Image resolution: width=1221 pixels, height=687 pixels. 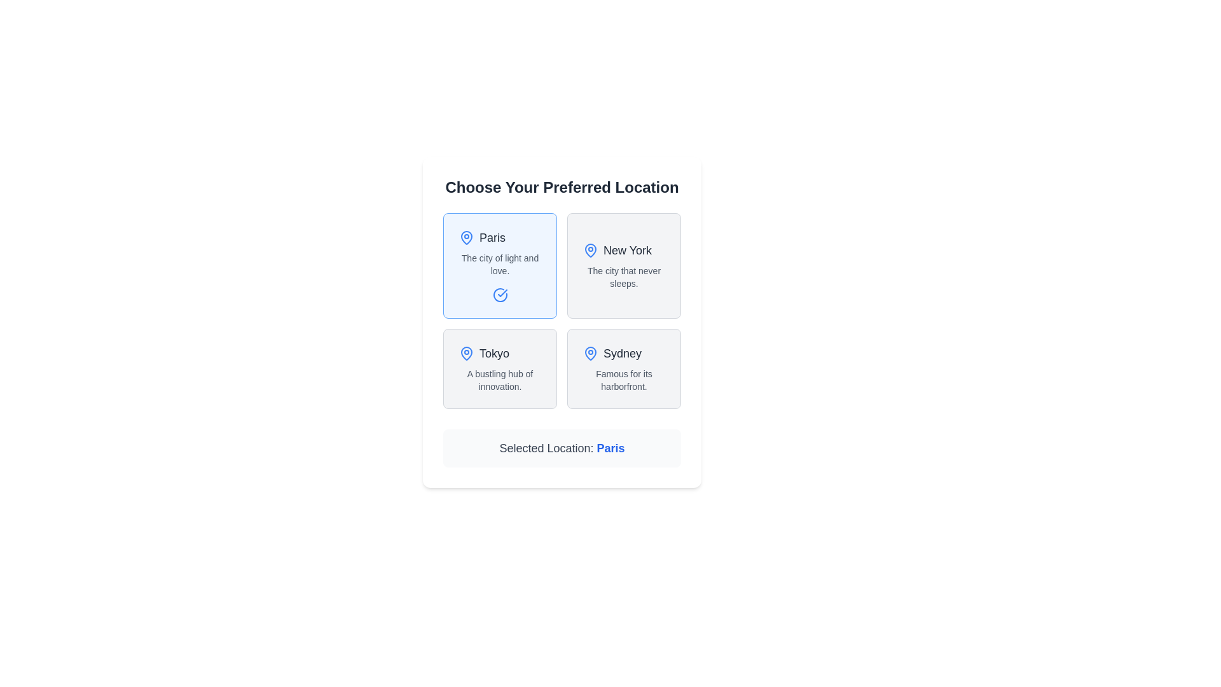 I want to click on the small blue map pin icon located in the lower-left section of the 'Tokyo' selection box, which precedes the text 'Tokyo', so click(x=466, y=353).